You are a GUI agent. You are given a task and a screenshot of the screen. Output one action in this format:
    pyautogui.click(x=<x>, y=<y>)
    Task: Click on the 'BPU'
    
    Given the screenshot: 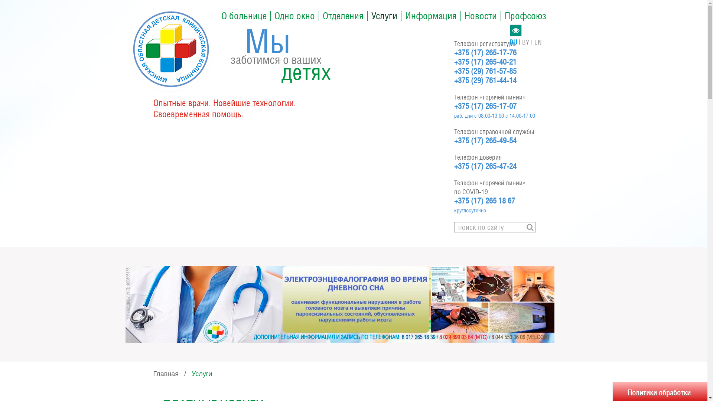 What is the action you would take?
    pyautogui.click(x=339, y=303)
    